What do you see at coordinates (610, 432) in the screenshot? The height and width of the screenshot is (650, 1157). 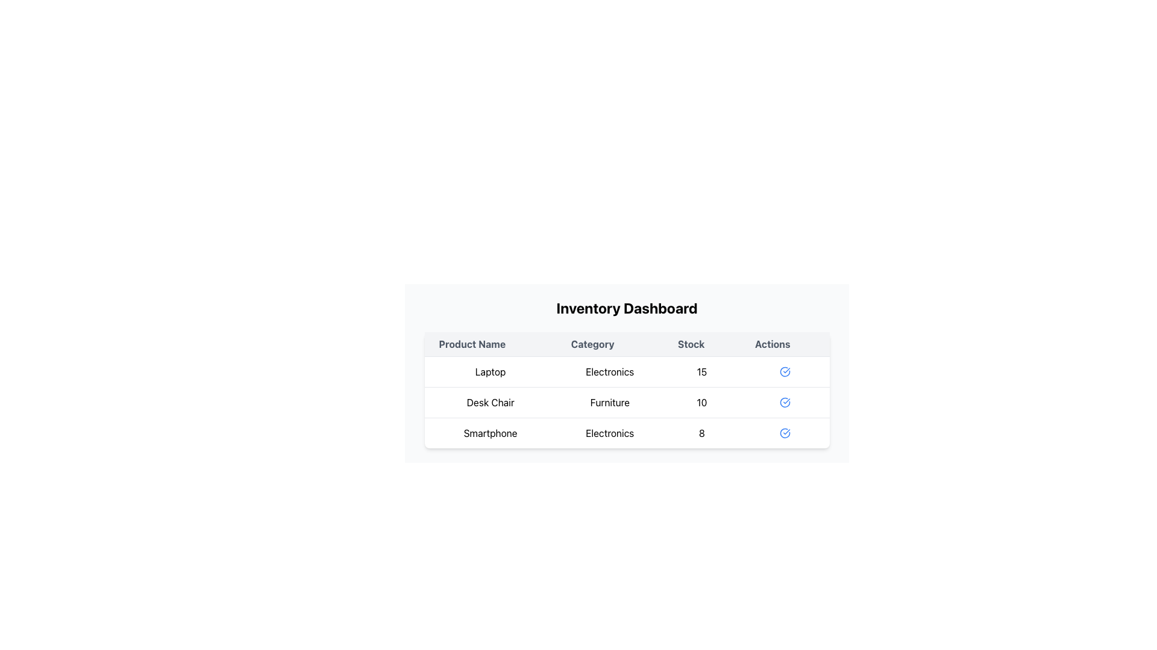 I see `the text label displaying the word 'Electronics', which is located in the second column of the third row of a table, centered within its cell` at bounding box center [610, 432].